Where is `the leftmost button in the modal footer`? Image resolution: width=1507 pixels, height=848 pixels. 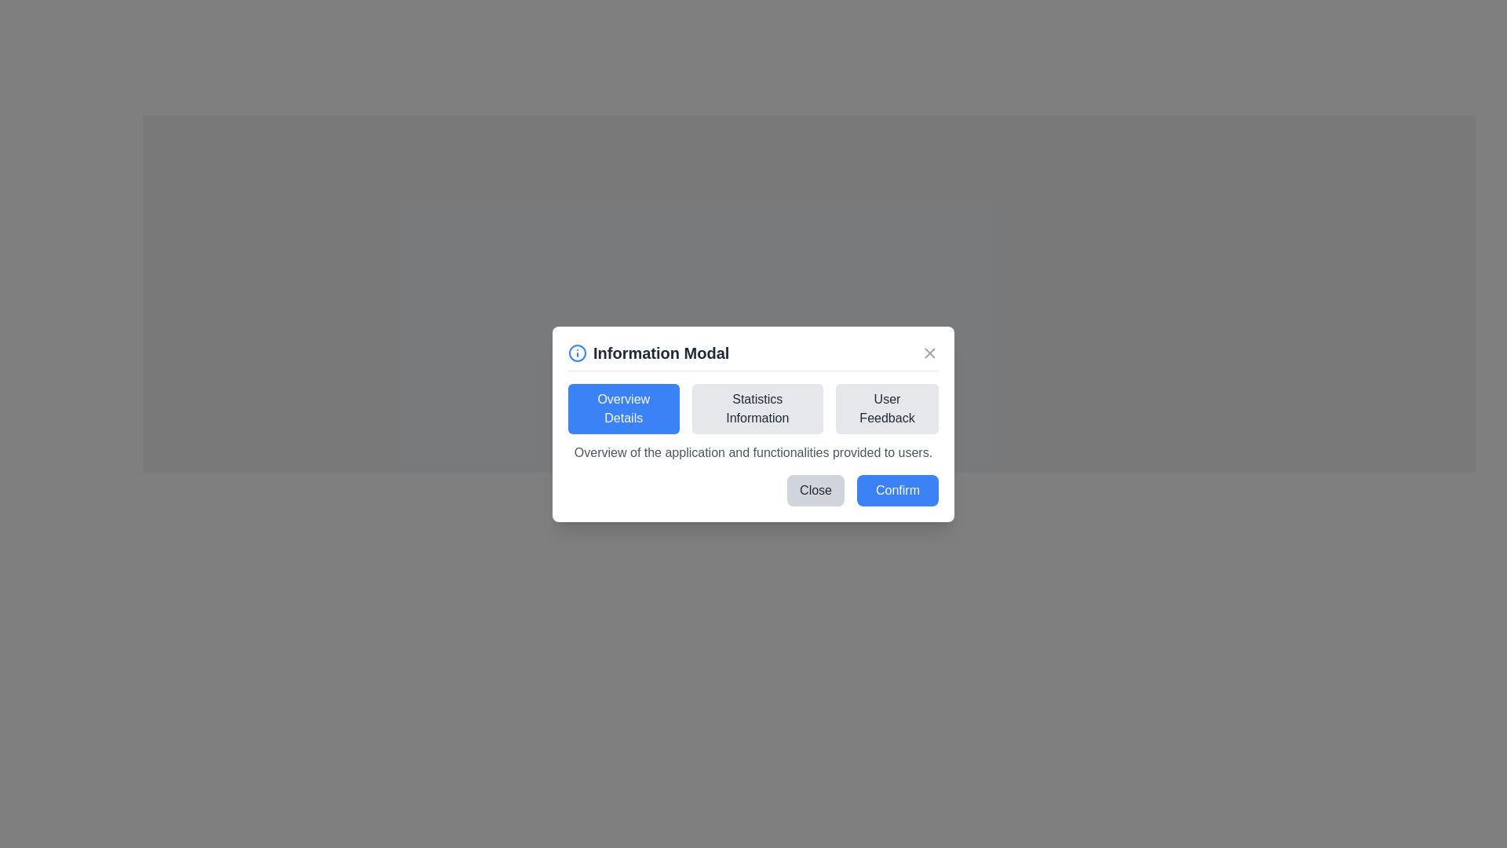 the leftmost button in the modal footer is located at coordinates (816, 489).